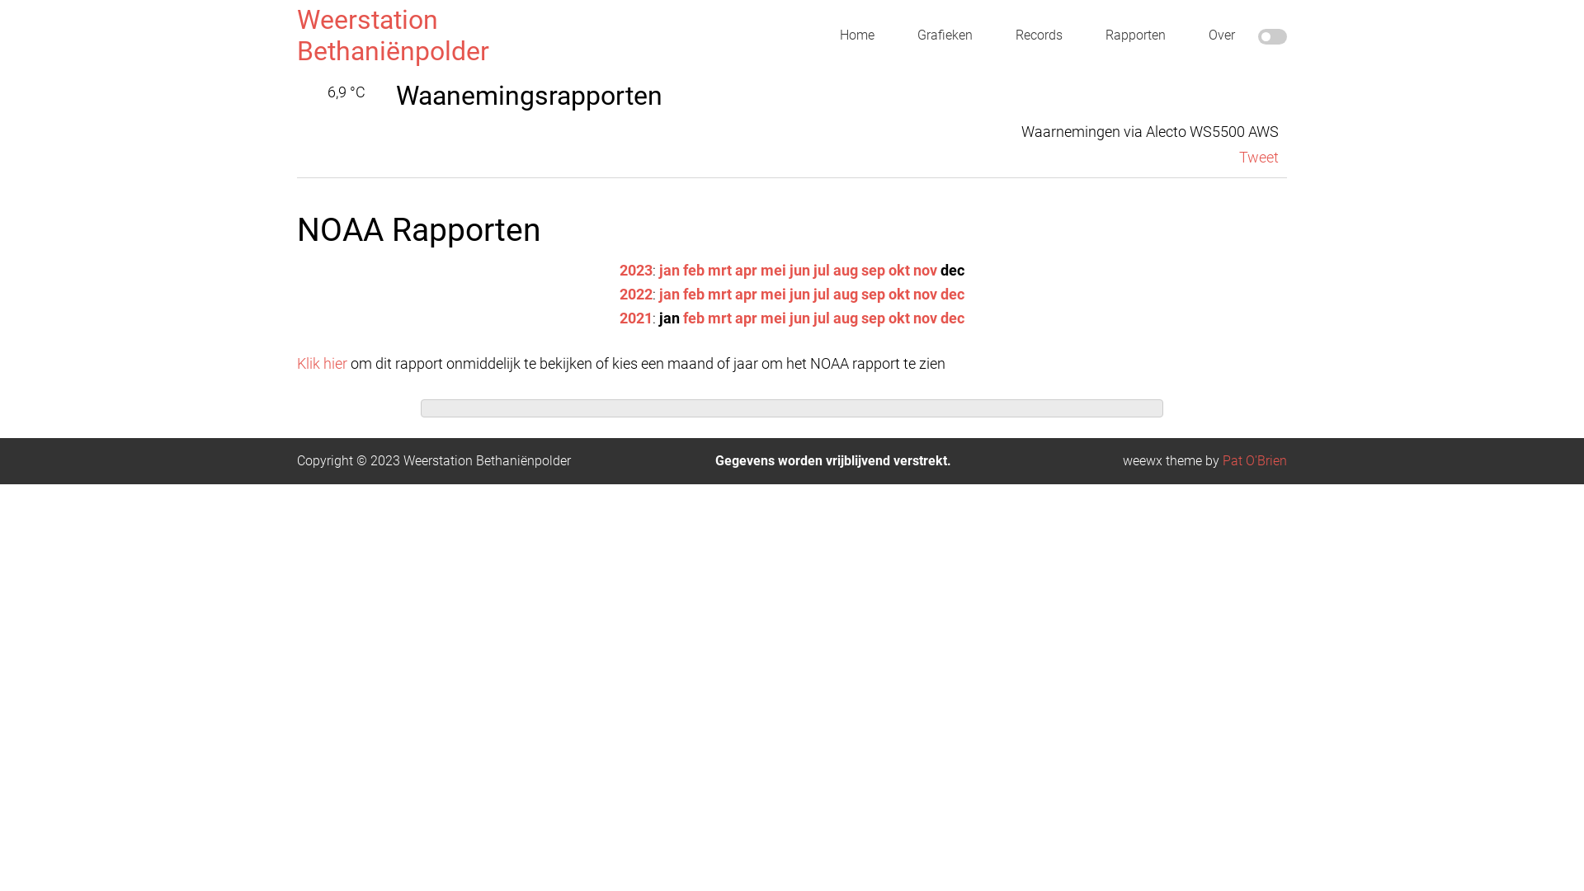 The height and width of the screenshot is (891, 1584). Describe the element at coordinates (872, 318) in the screenshot. I see `'sep'` at that location.